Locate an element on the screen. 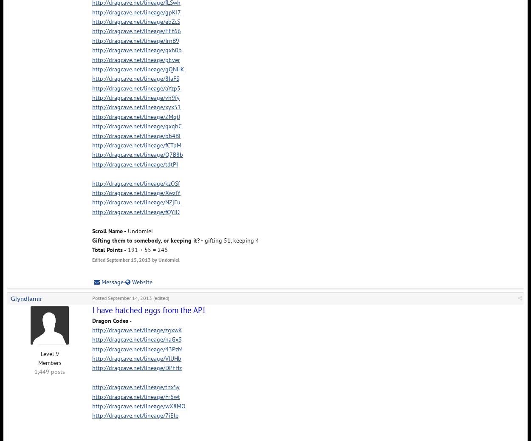 This screenshot has height=441, width=531. 'by Undomiel' is located at coordinates (165, 259).